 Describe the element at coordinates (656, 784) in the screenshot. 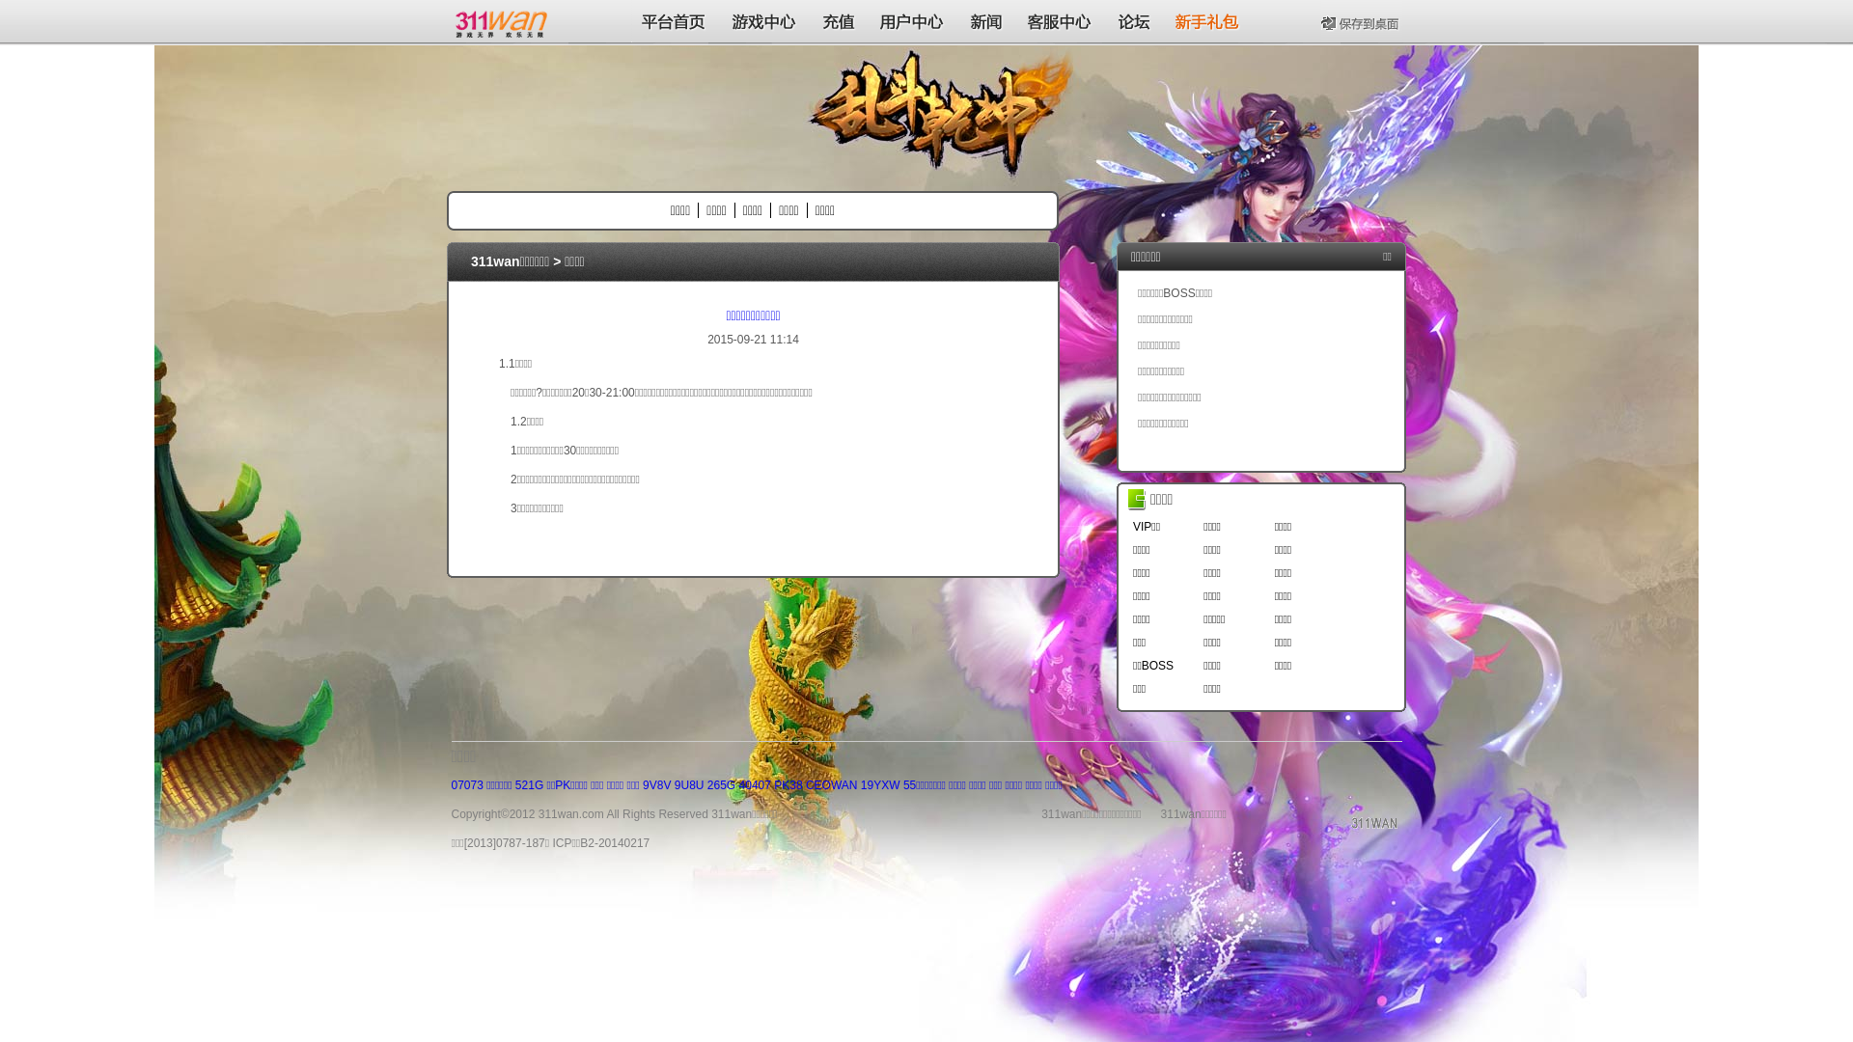

I see `'9V8V'` at that location.